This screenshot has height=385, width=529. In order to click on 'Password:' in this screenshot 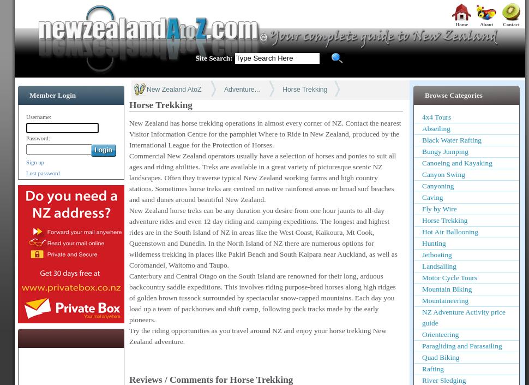, I will do `click(26, 138)`.